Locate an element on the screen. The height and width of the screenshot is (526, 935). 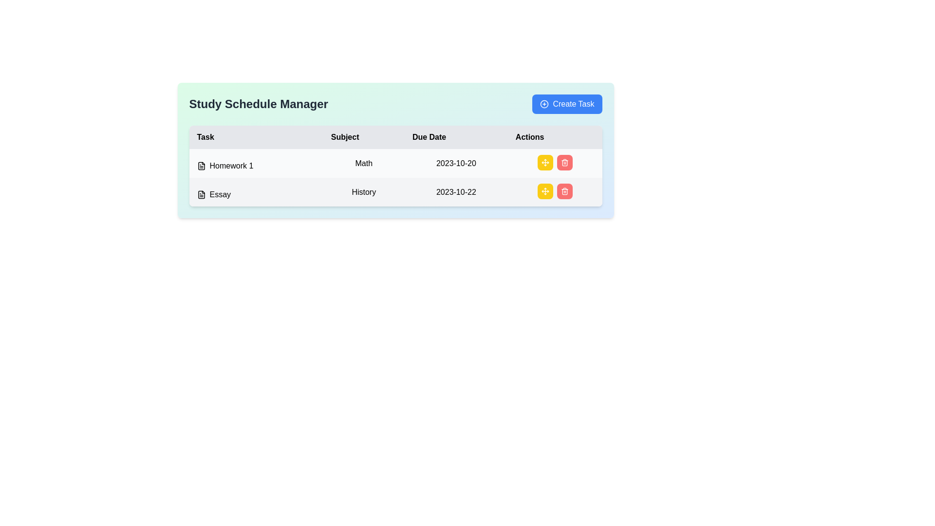
the icon inside the 'Create Task' button, which is positioned to the left of the text 'Create Task' in the top-right corner of the main content area is located at coordinates (544, 104).